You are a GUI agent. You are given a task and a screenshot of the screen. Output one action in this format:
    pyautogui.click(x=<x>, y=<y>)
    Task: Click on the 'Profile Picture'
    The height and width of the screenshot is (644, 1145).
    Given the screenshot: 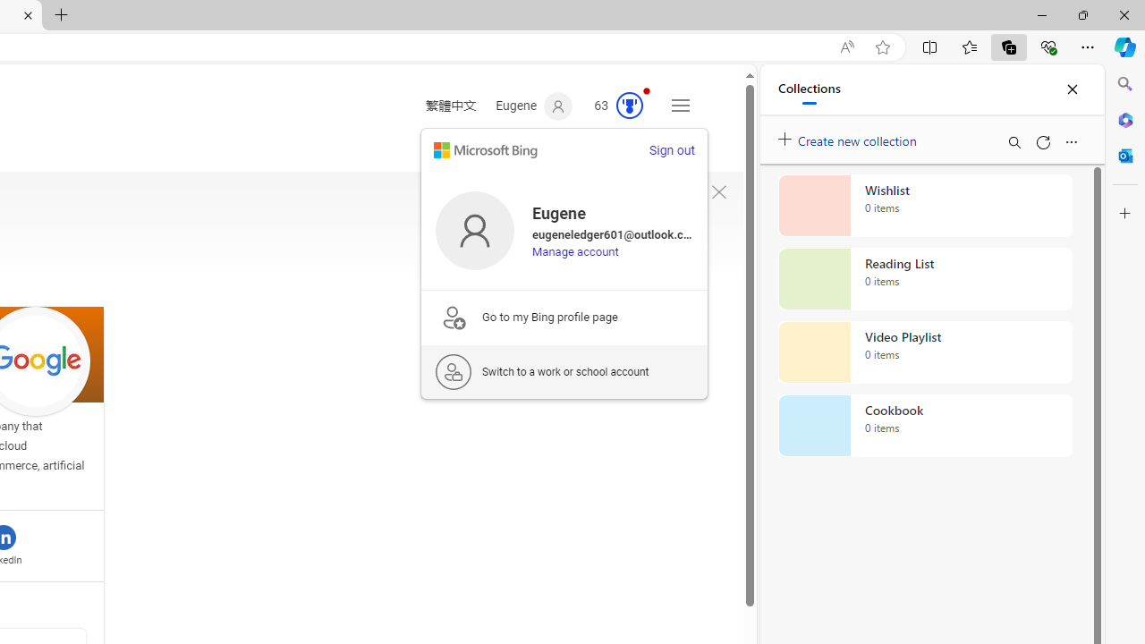 What is the action you would take?
    pyautogui.click(x=474, y=229)
    